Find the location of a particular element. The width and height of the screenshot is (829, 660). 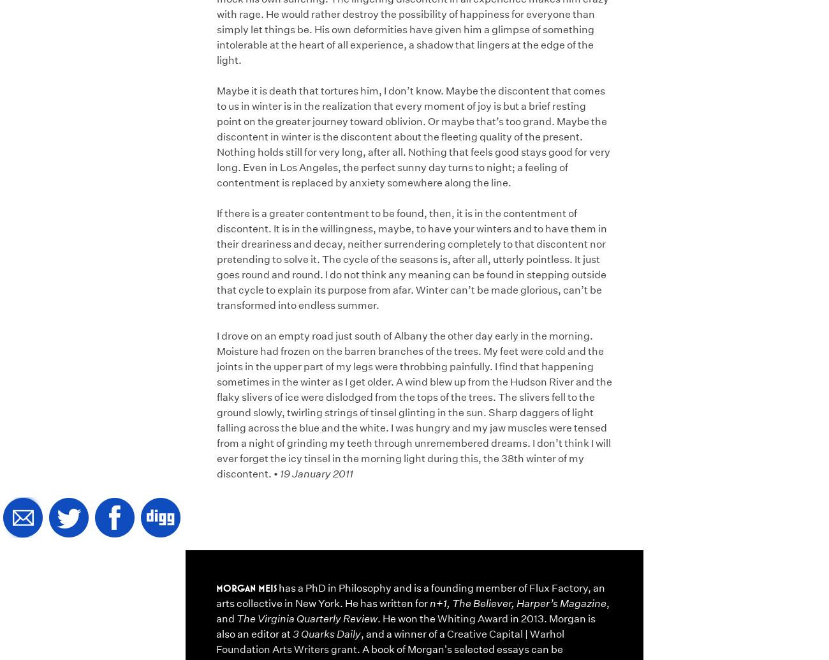

'Whiting Award' is located at coordinates (437, 617).